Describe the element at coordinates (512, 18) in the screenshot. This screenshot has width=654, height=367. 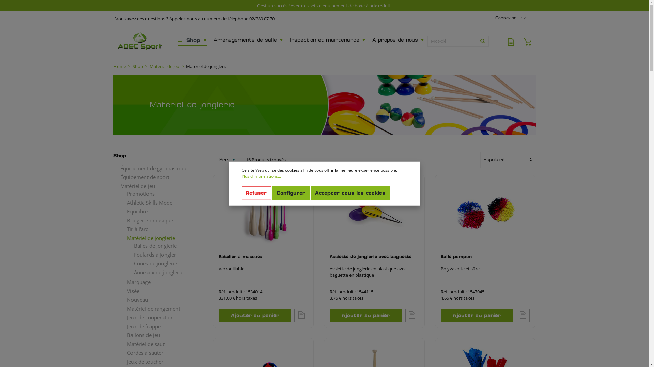
I see `'Connexion'` at that location.